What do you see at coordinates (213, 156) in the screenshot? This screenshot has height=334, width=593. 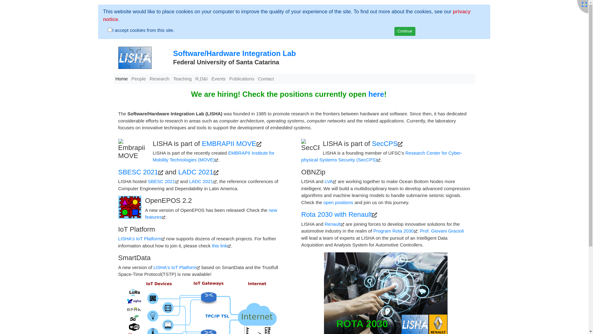 I see `'EMBRAPII Institute for Mobility Technologies (MOVE)'` at bounding box center [213, 156].